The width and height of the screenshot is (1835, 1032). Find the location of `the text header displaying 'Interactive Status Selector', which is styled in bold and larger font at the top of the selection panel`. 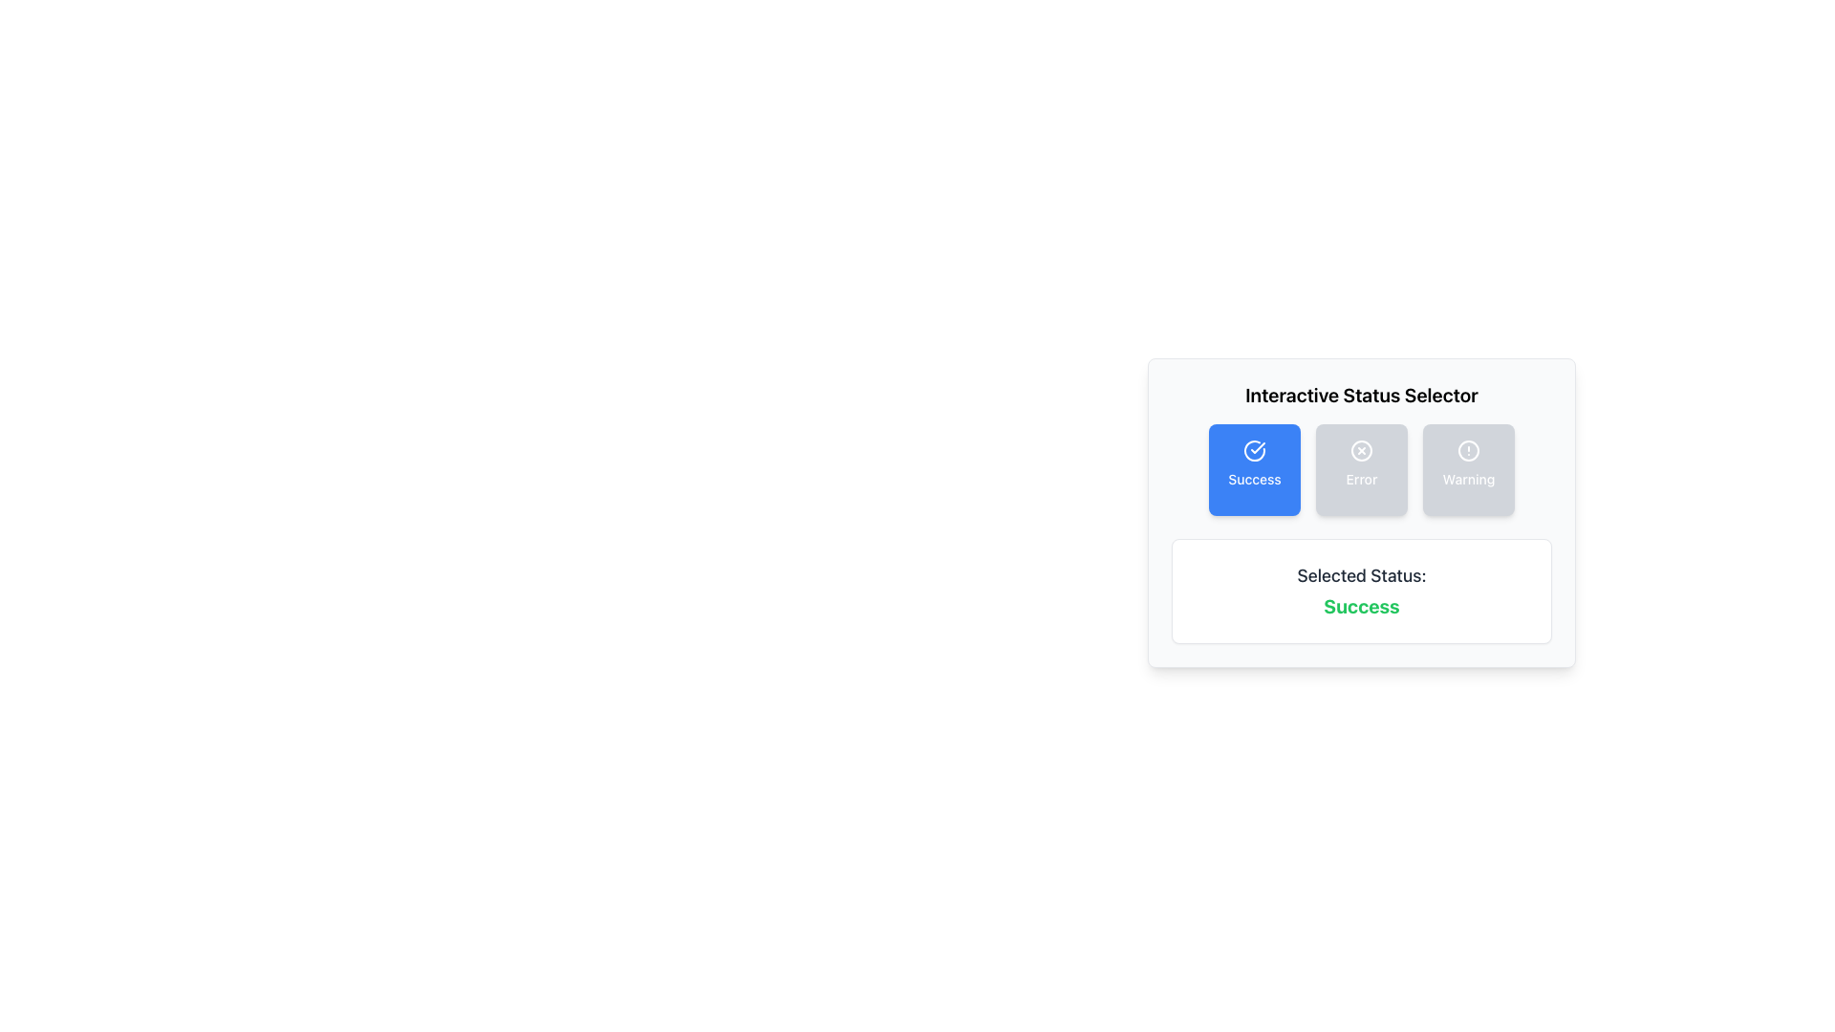

the text header displaying 'Interactive Status Selector', which is styled in bold and larger font at the top of the selection panel is located at coordinates (1361, 394).